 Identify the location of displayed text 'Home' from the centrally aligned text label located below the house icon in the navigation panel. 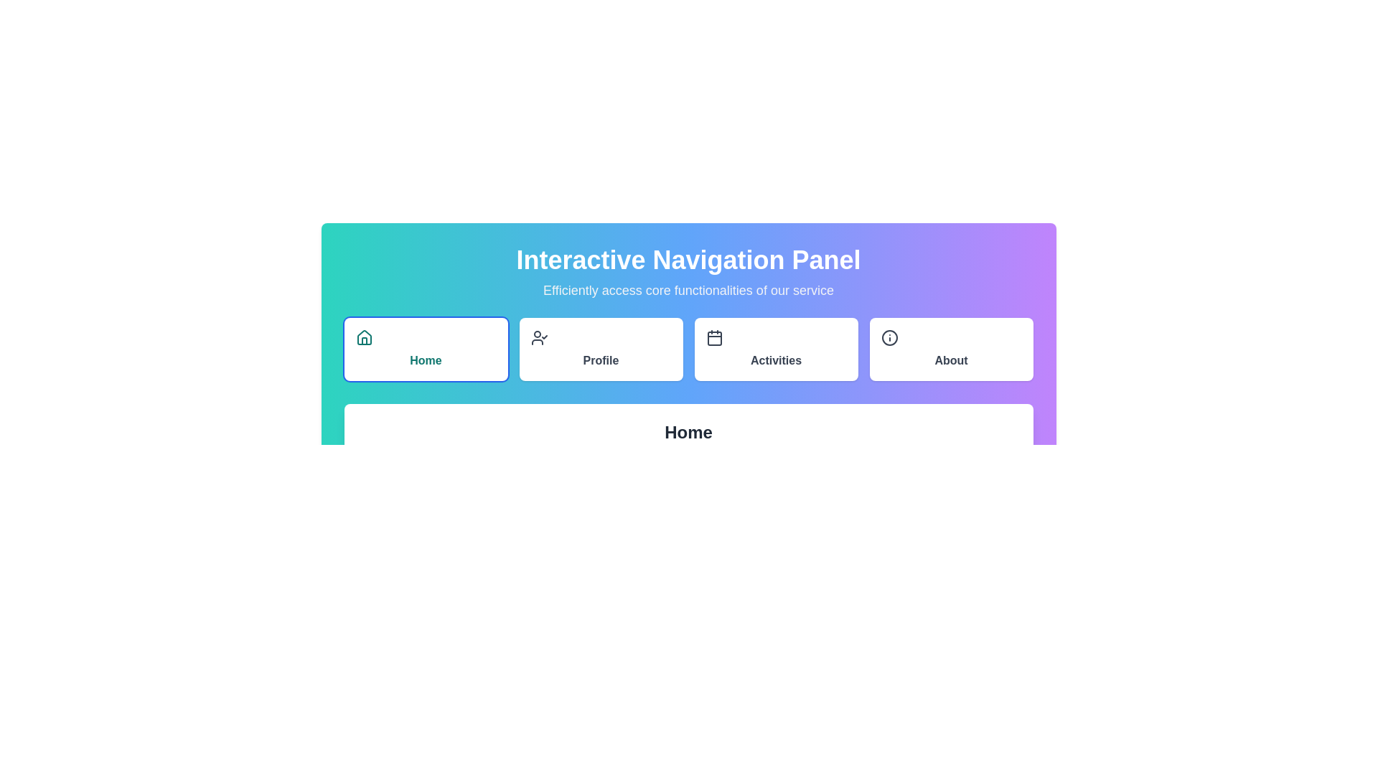
(425, 360).